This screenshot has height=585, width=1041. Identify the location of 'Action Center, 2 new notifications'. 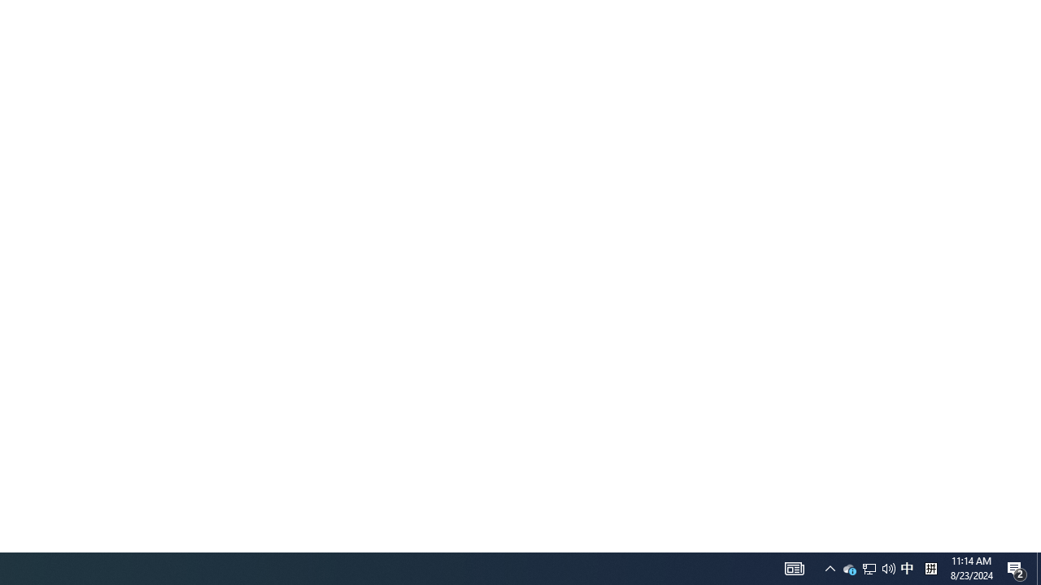
(1017, 567).